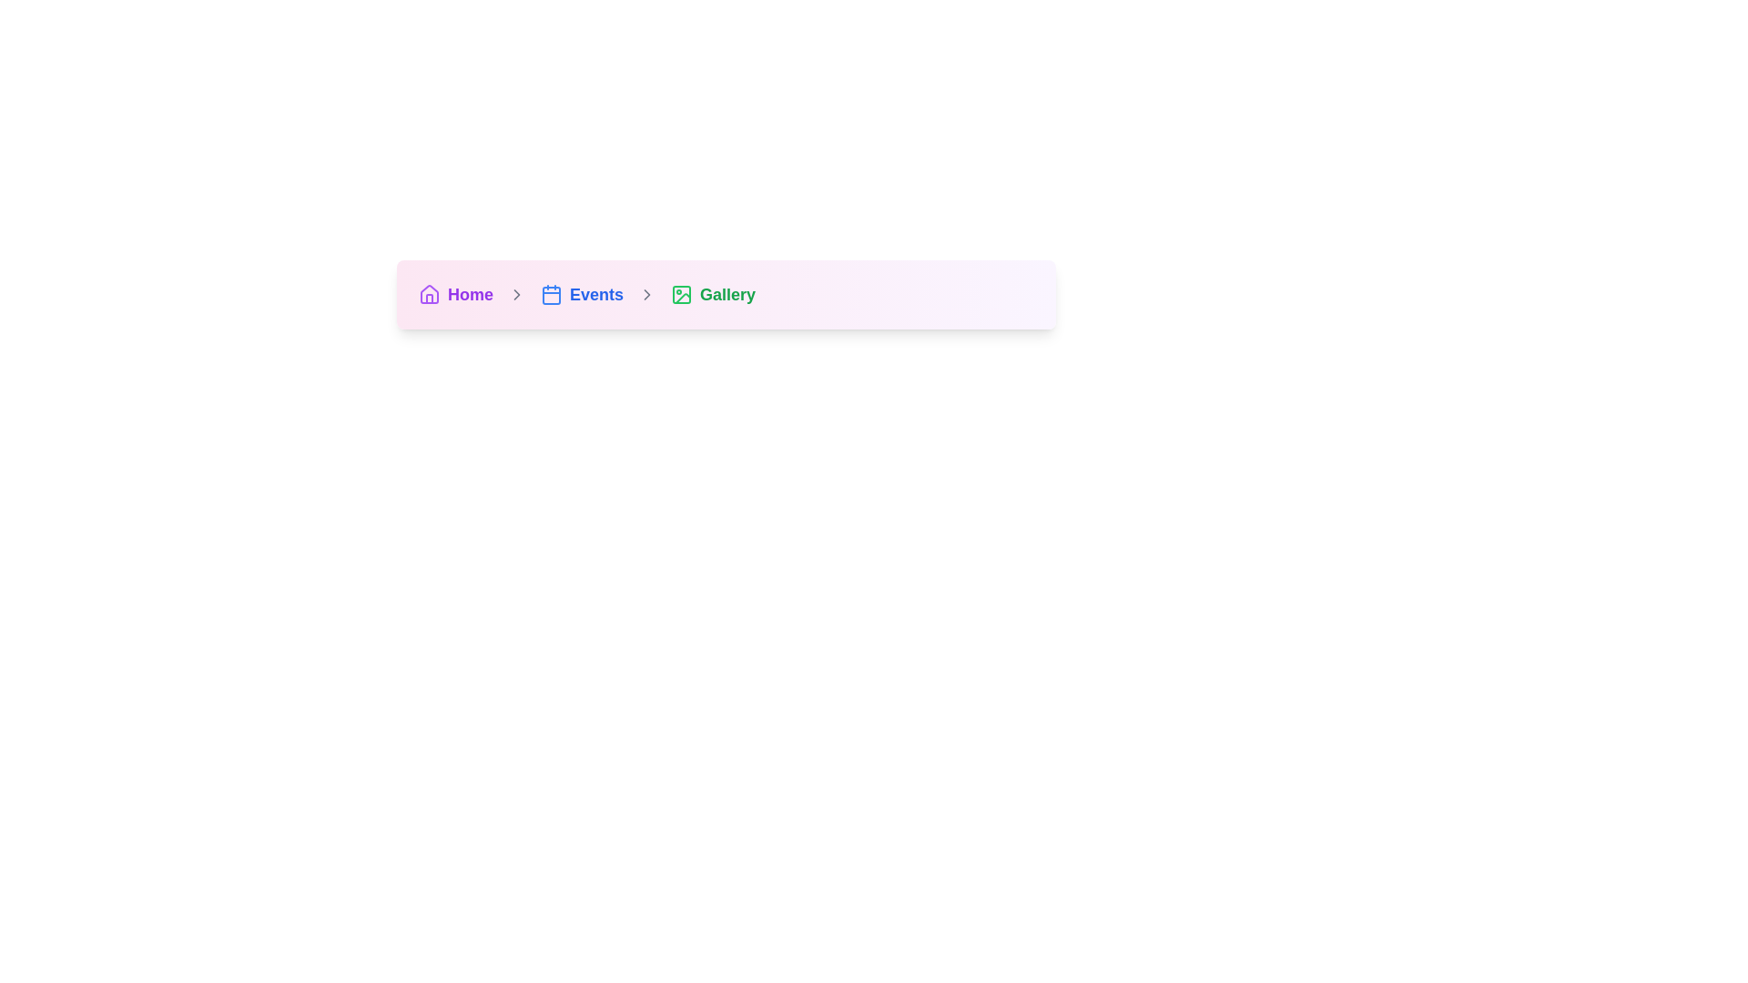 The height and width of the screenshot is (983, 1748). Describe the element at coordinates (680, 294) in the screenshot. I see `the green rectangular SVG element that is part of the breadcrumb navigation bar for the 'Gallery' link by moving the cursor to its center point` at that location.